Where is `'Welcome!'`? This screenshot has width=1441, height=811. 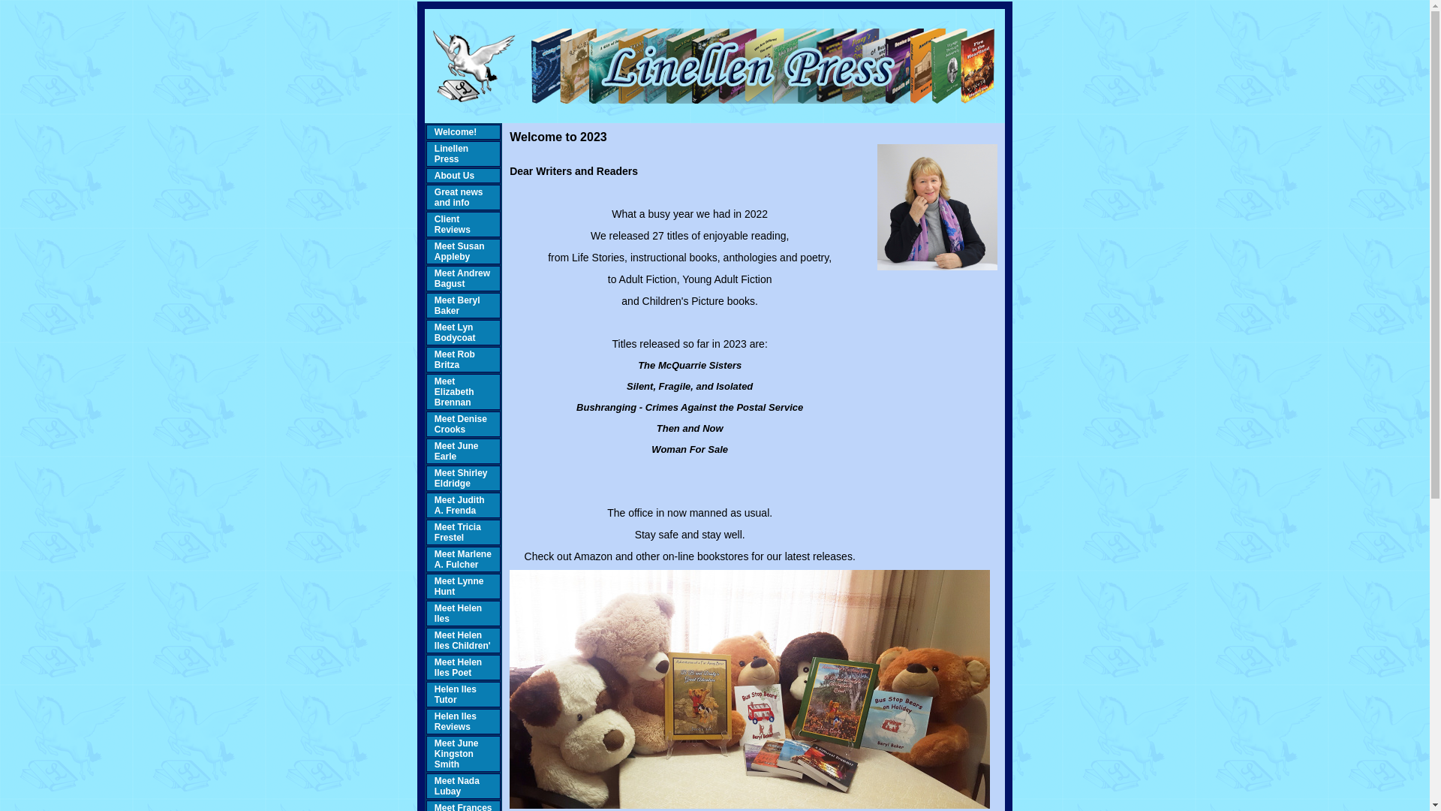
'Welcome!' is located at coordinates (434, 131).